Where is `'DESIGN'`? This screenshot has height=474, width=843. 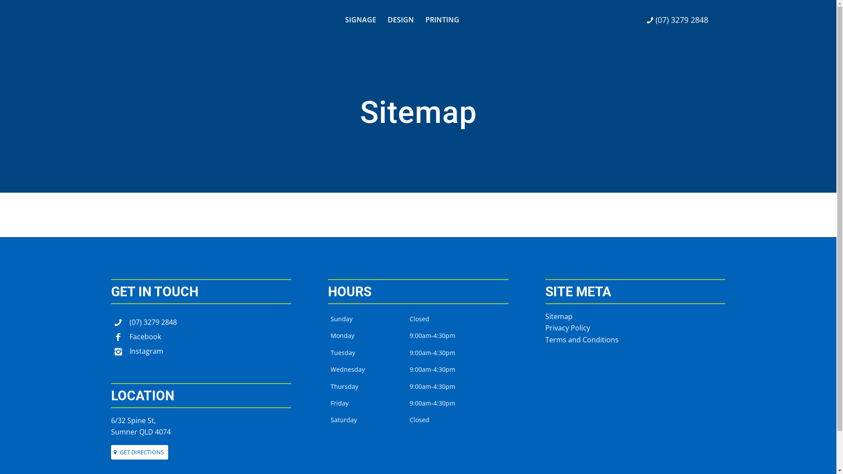 'DESIGN' is located at coordinates (382, 20).